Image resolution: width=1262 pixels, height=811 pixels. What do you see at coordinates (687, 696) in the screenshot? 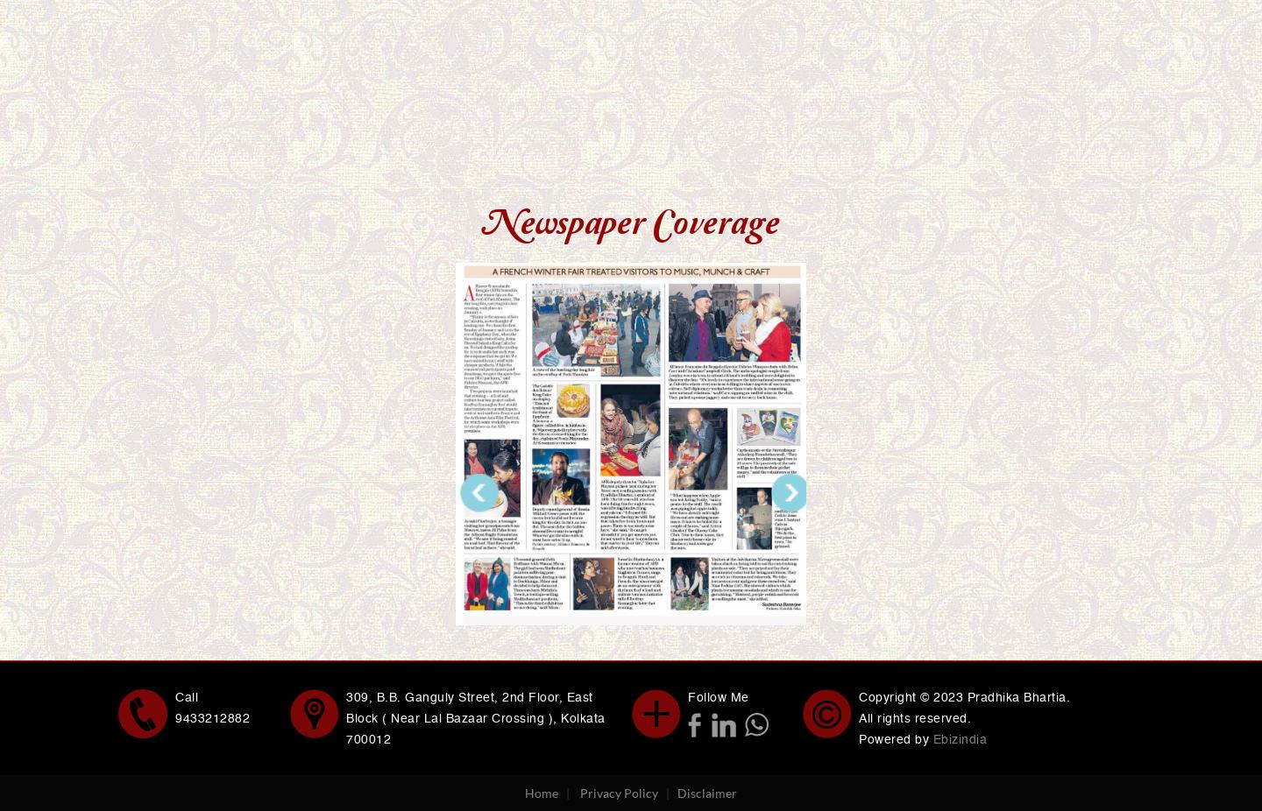
I see `'Follow Me'` at bounding box center [687, 696].